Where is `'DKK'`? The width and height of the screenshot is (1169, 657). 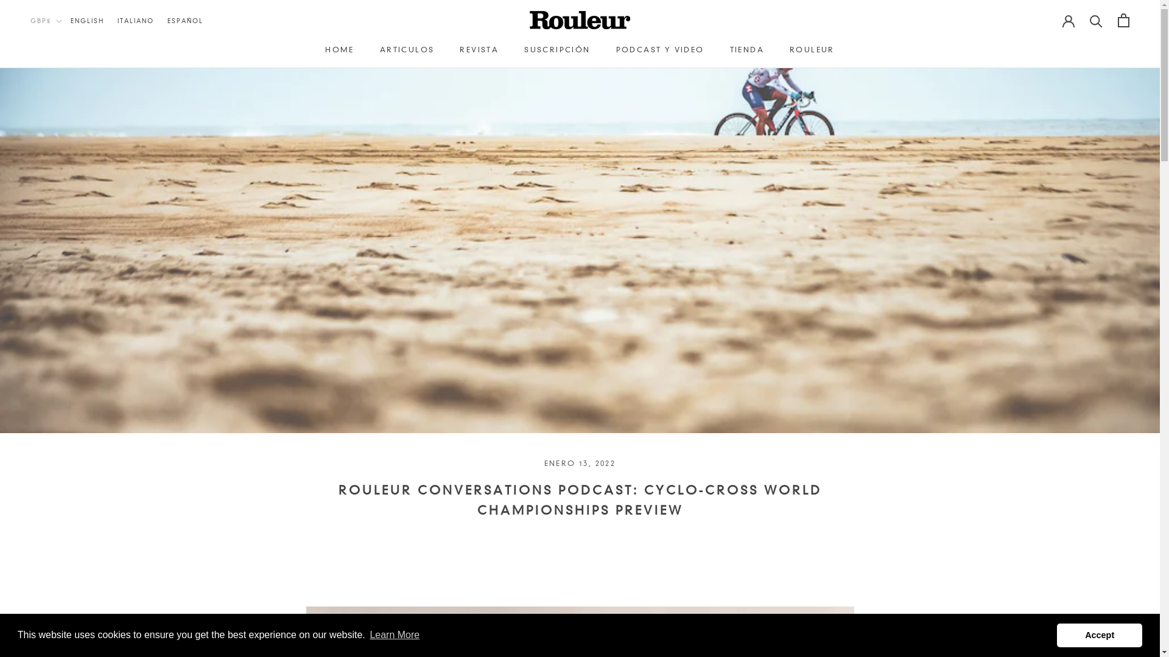
'DKK' is located at coordinates (68, 465).